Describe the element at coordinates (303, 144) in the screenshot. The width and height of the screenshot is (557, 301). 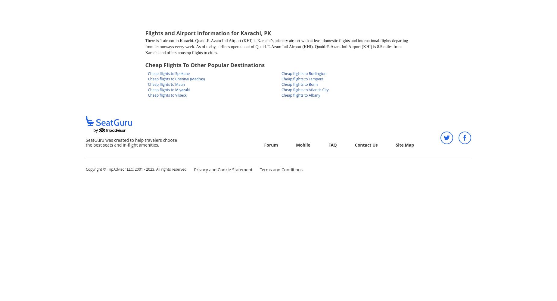
I see `'Mobile'` at that location.